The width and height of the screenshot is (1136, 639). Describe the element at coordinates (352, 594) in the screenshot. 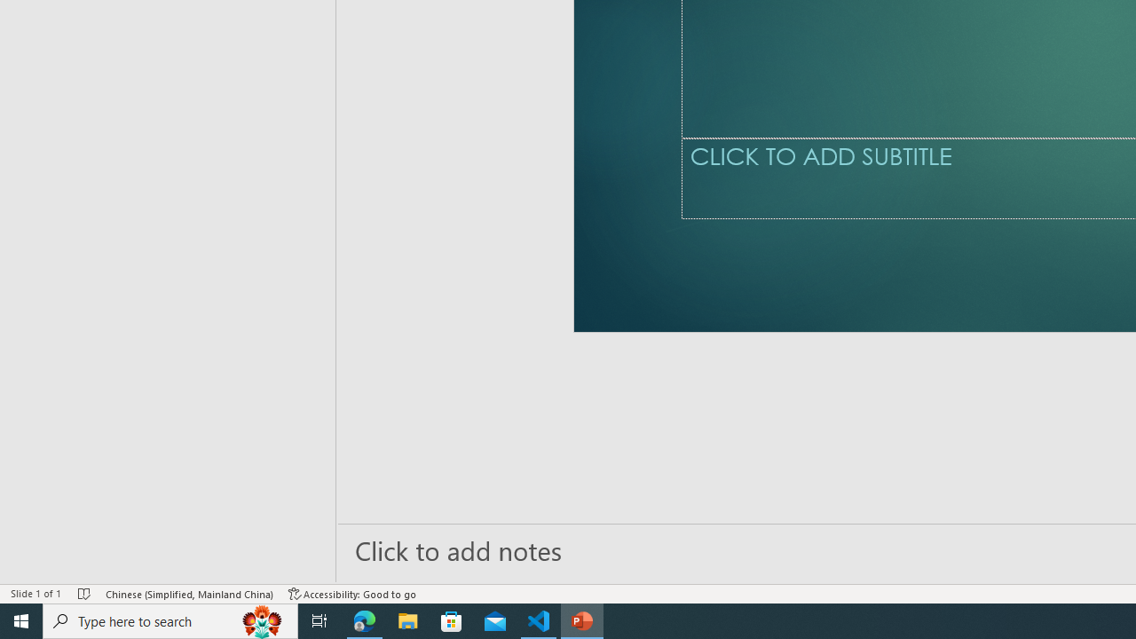

I see `'Accessibility Checker Accessibility: Good to go'` at that location.